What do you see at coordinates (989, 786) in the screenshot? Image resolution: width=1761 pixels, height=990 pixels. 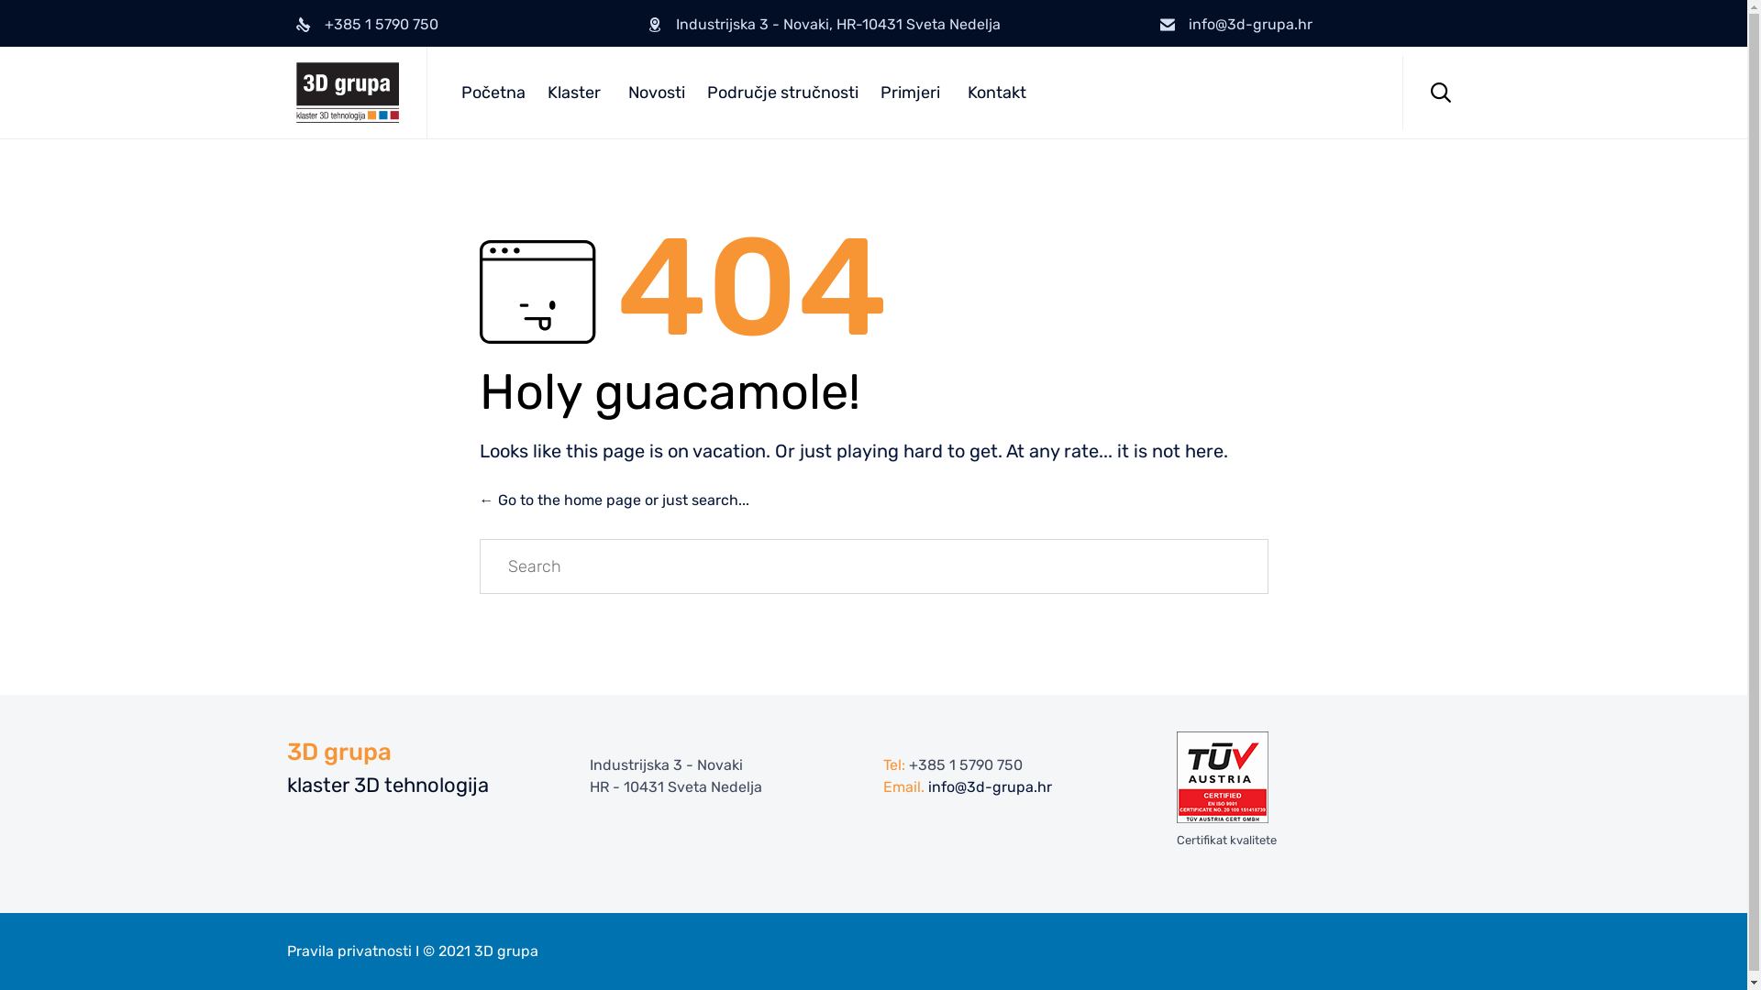 I see `'info@3d-grupa.hr'` at bounding box center [989, 786].